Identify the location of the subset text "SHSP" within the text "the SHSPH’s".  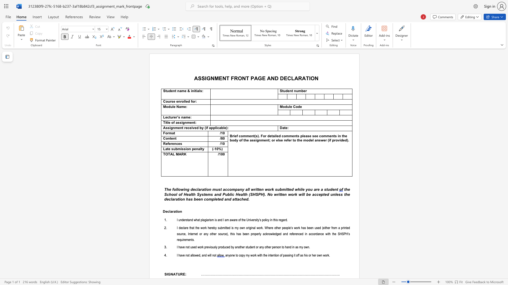
(337, 234).